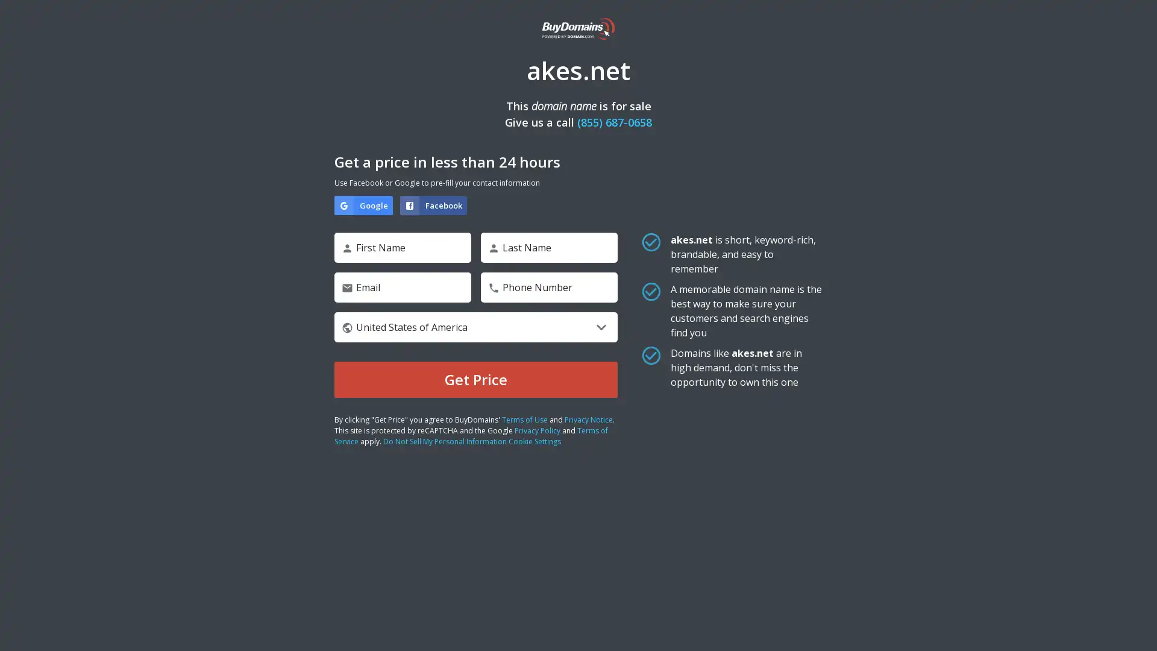 This screenshot has height=651, width=1157. What do you see at coordinates (363, 204) in the screenshot?
I see `Google` at bounding box center [363, 204].